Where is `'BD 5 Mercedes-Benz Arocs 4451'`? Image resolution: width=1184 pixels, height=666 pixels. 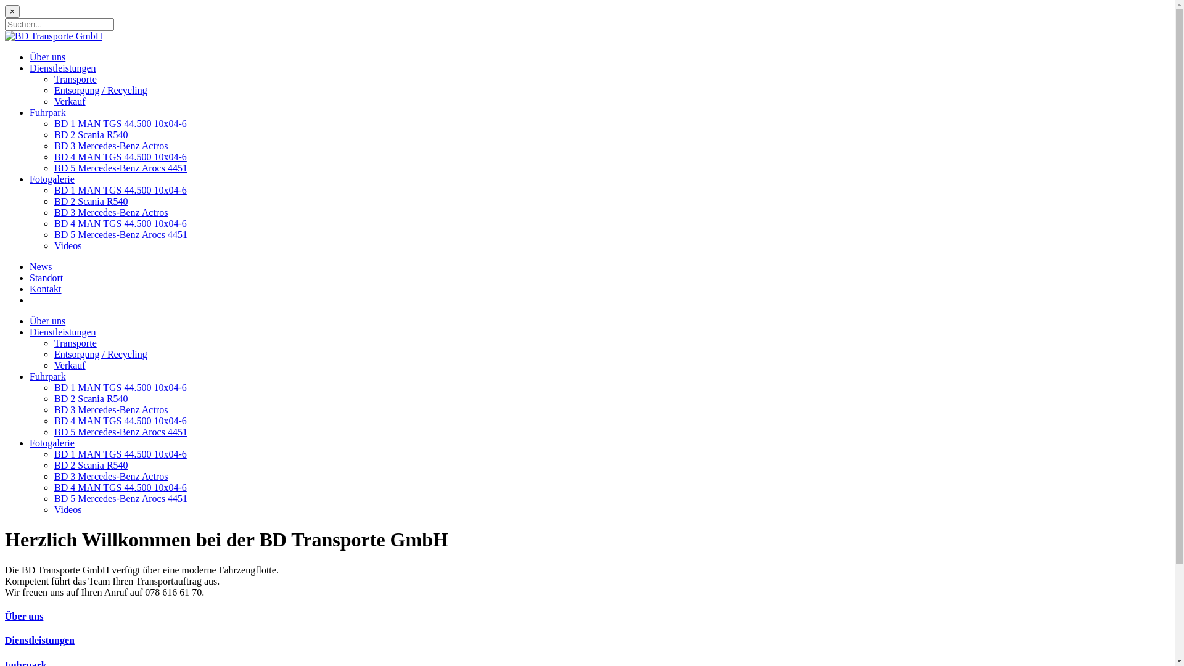 'BD 5 Mercedes-Benz Arocs 4451' is located at coordinates (121, 168).